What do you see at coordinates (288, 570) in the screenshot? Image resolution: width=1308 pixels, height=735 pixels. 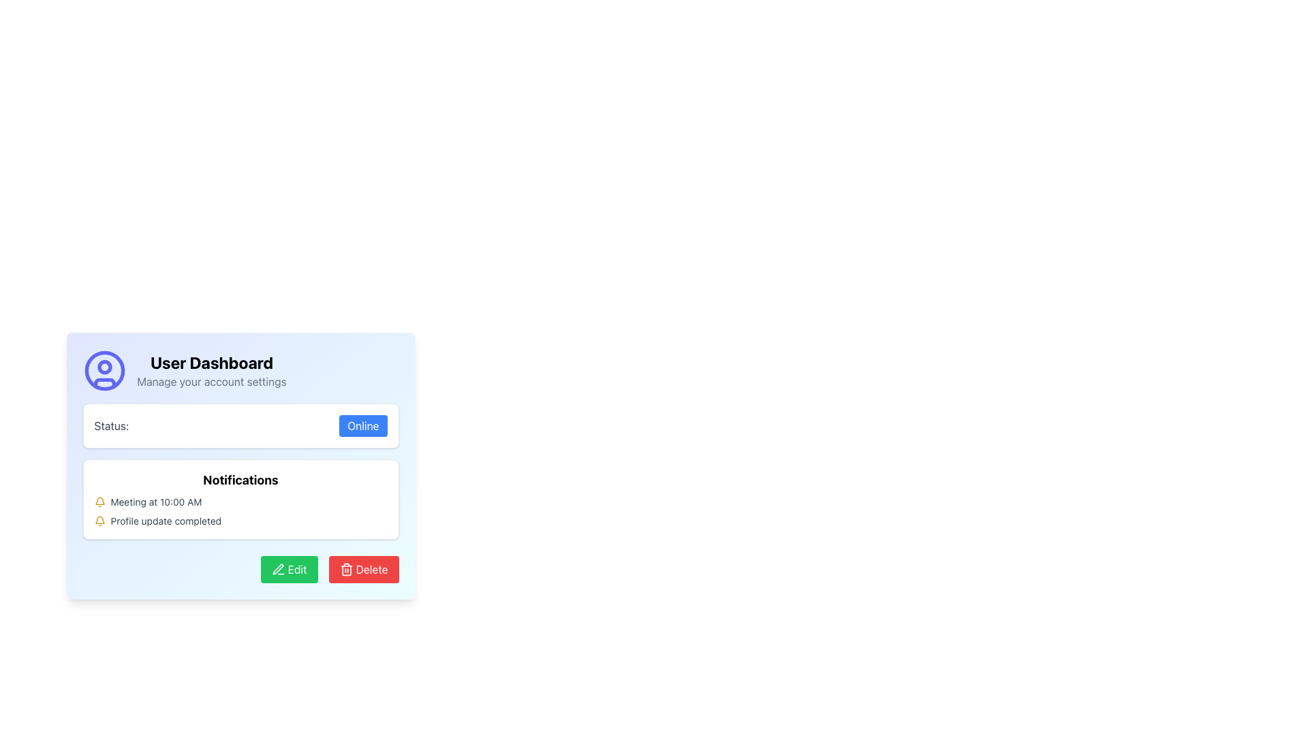 I see `the green rectangular button with rounded edges labeled 'Edit' to initiate editing` at bounding box center [288, 570].